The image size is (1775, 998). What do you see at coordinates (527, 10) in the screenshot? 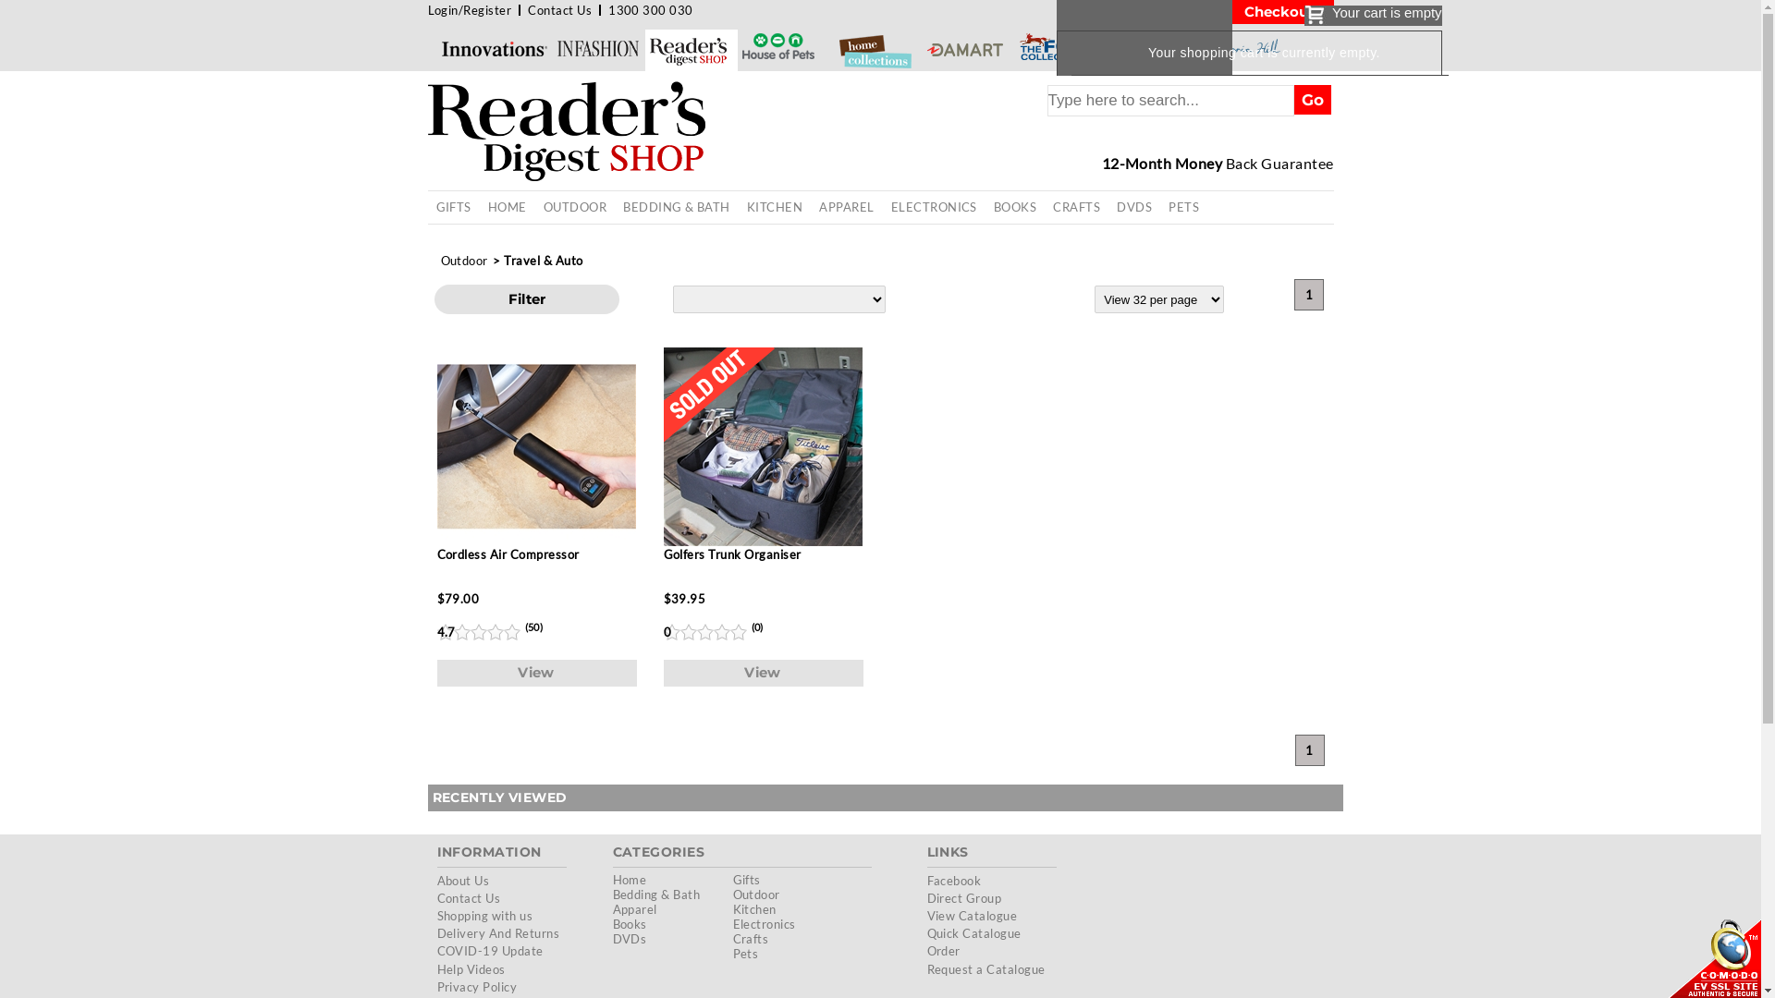
I see `'Contact Us'` at bounding box center [527, 10].